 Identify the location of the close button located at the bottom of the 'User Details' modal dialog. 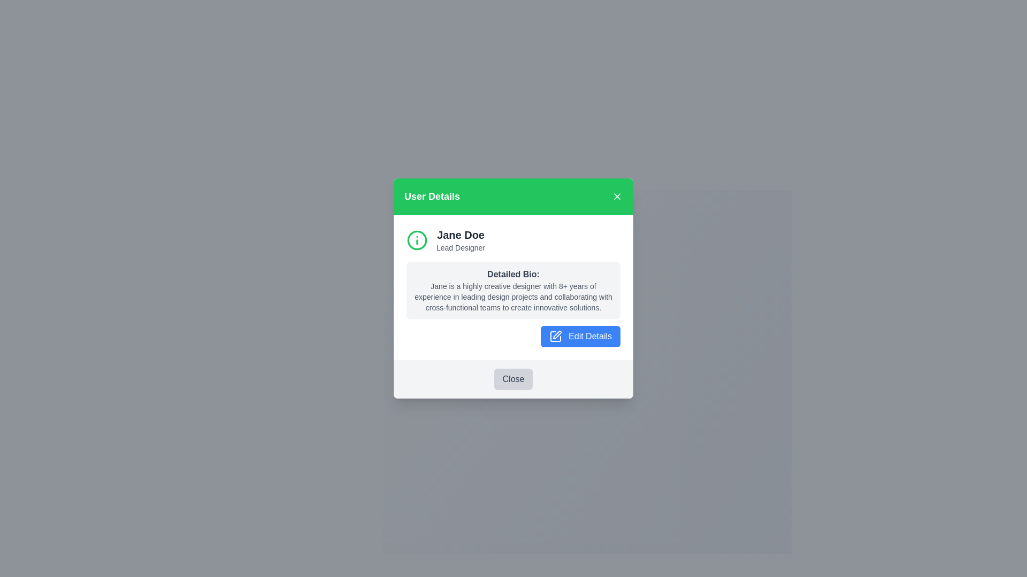
(513, 378).